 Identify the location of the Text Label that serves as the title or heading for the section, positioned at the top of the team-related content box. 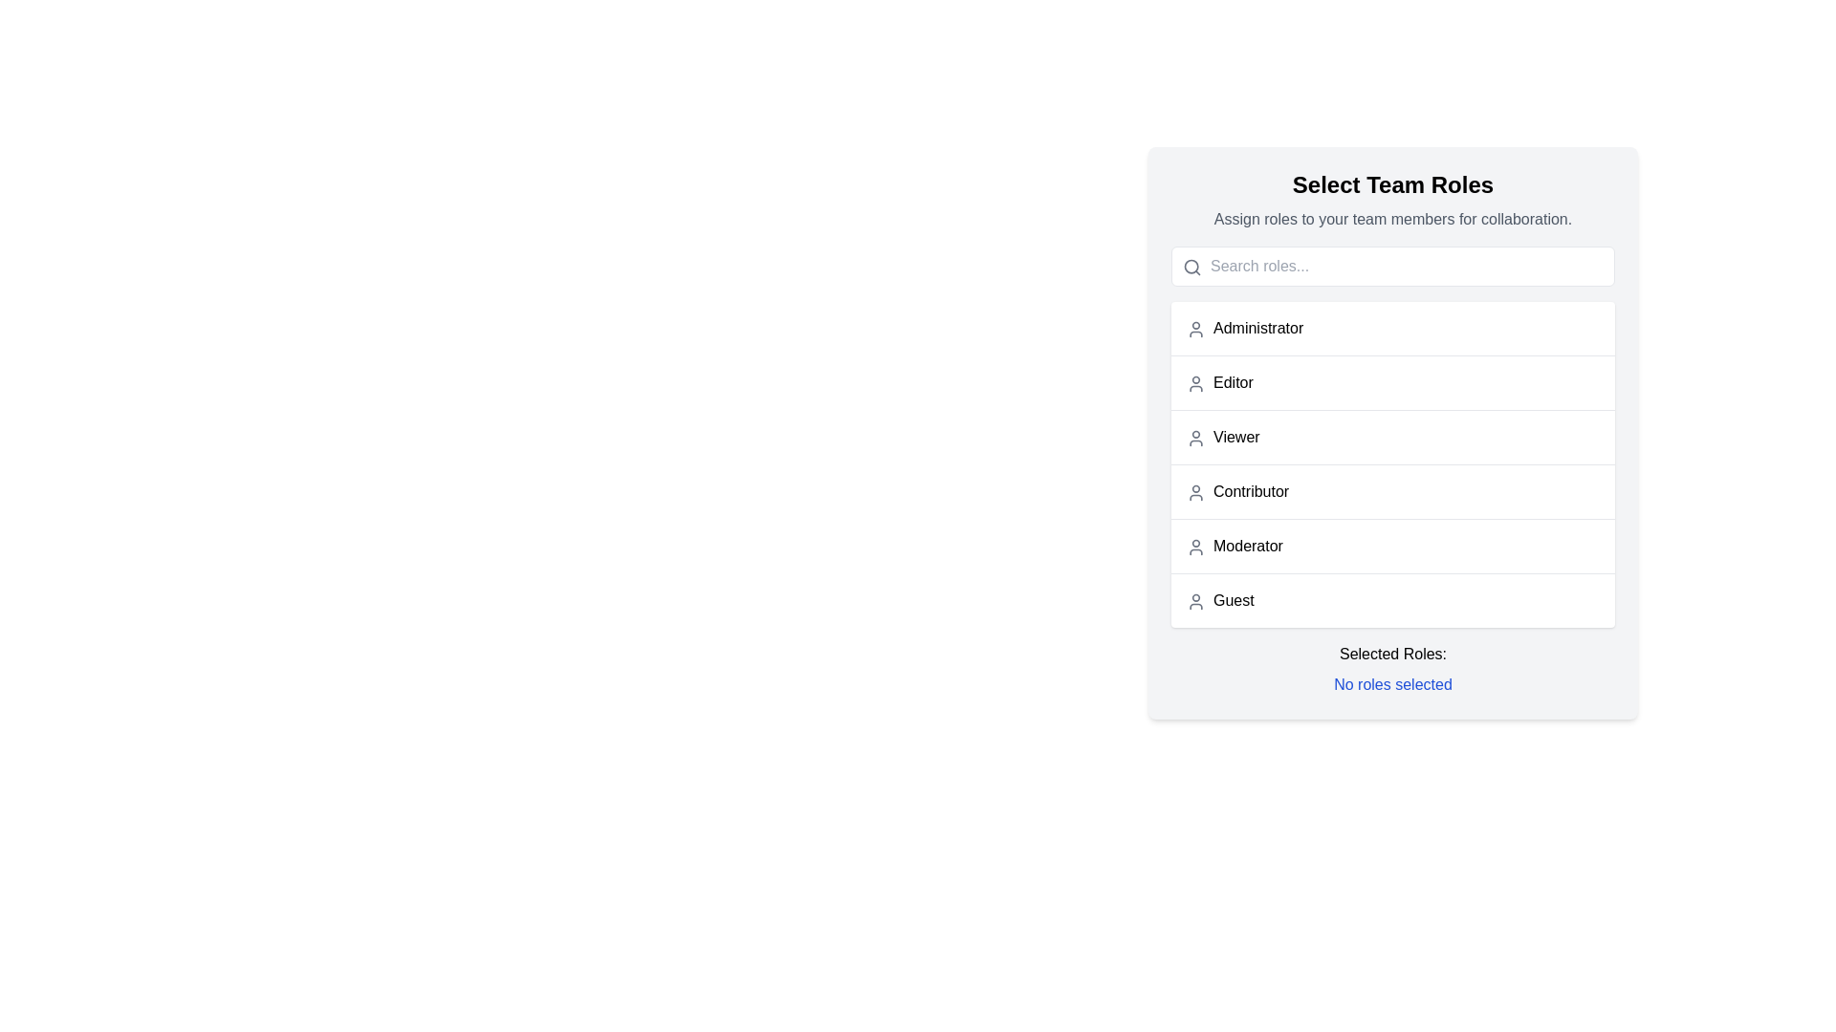
(1393, 184).